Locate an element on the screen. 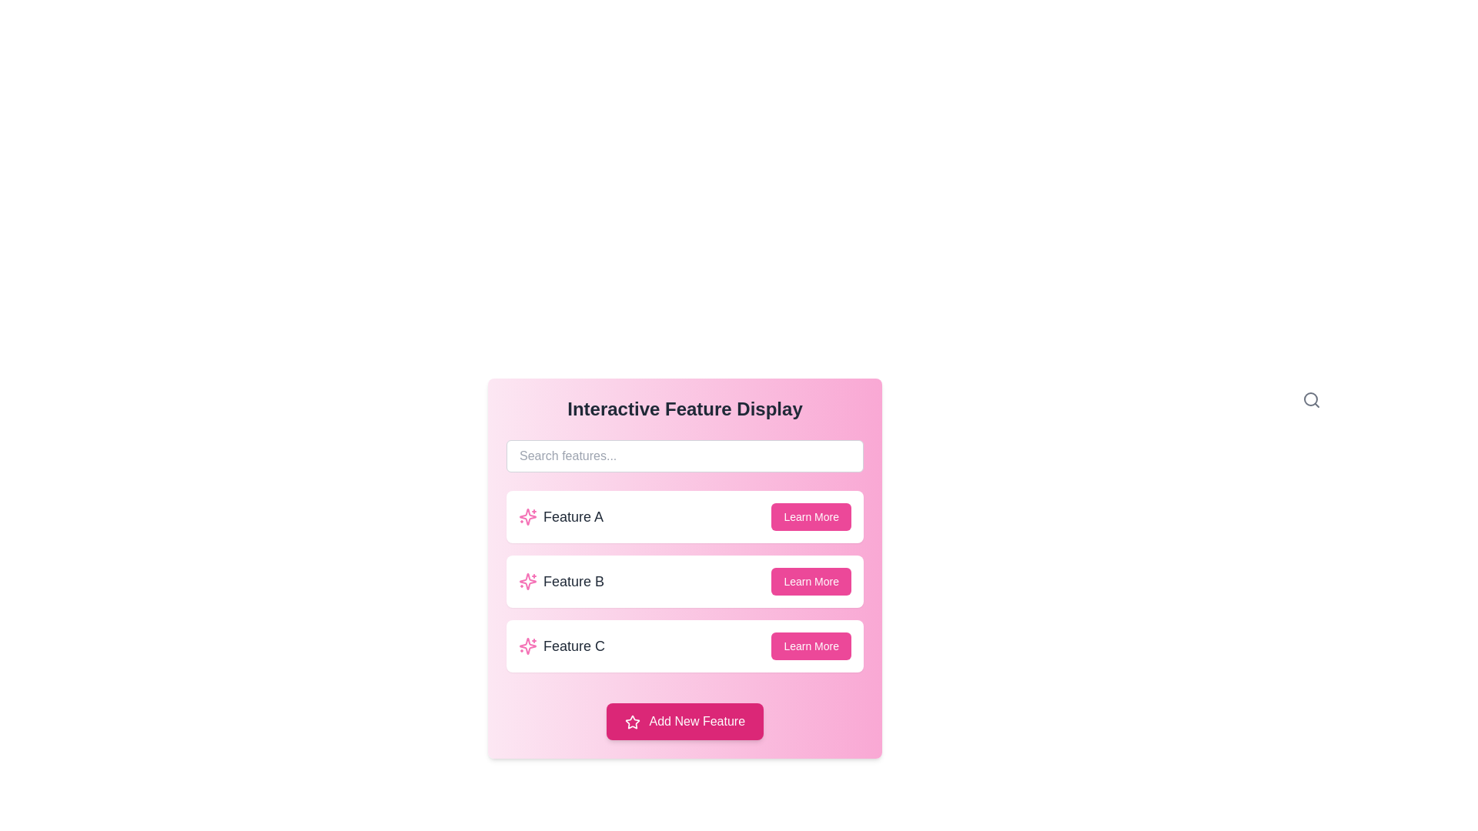 This screenshot has width=1478, height=831. the button with a pink background and white text that reads 'Add New Feature' is located at coordinates (684, 715).